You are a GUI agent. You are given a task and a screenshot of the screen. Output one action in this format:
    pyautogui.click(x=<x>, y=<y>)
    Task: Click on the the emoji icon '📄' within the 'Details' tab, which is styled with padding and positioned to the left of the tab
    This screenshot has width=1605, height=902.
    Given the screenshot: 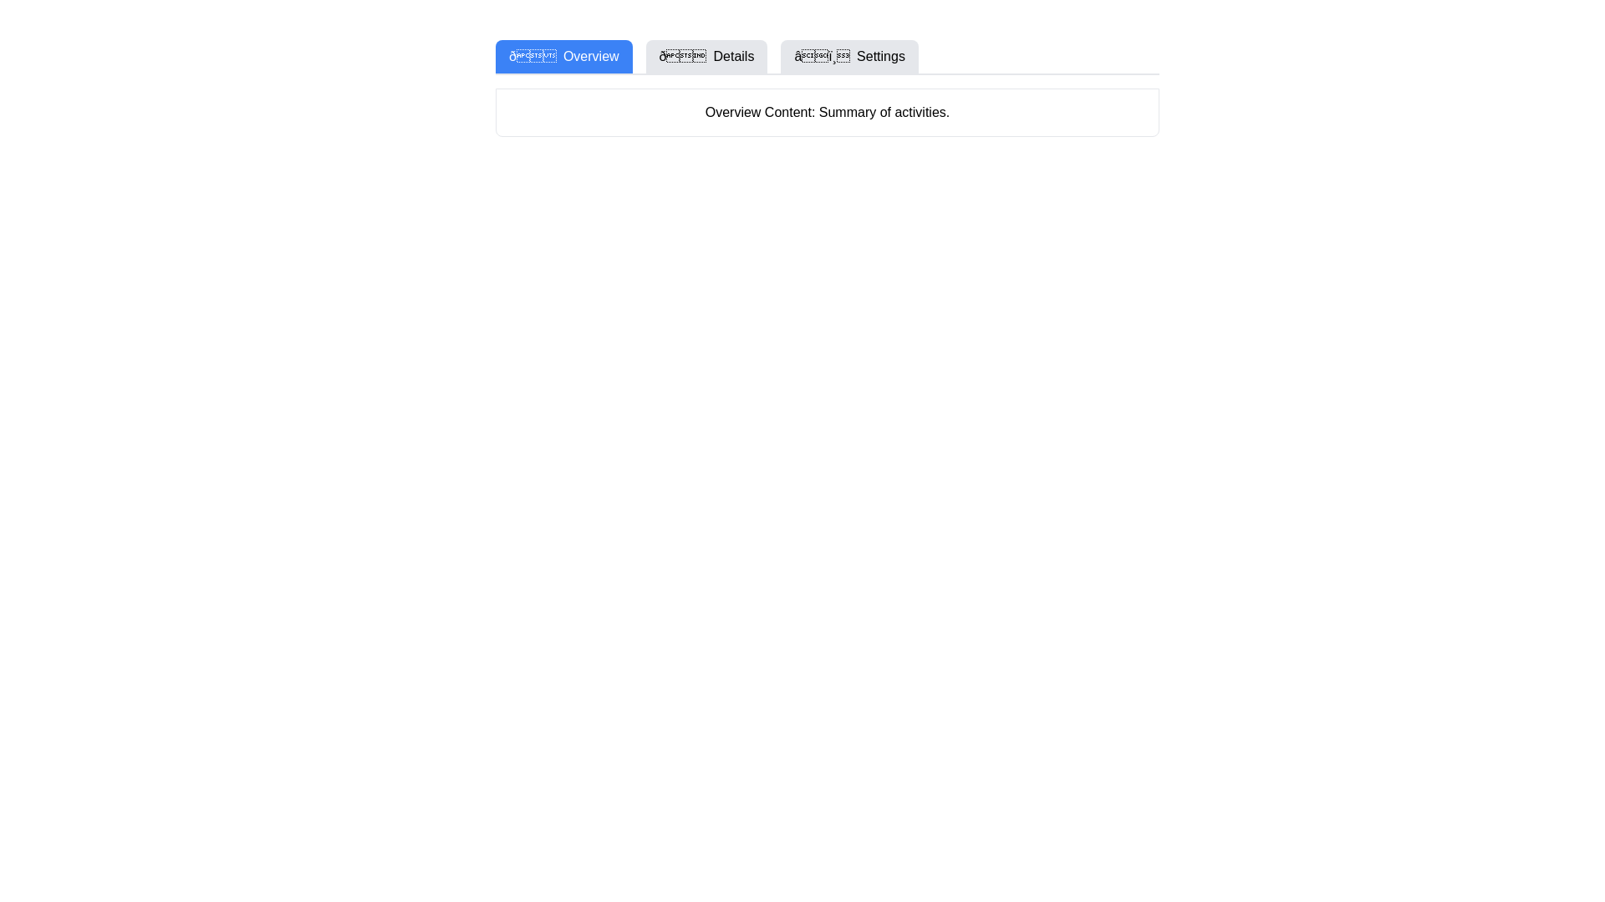 What is the action you would take?
    pyautogui.click(x=682, y=55)
    